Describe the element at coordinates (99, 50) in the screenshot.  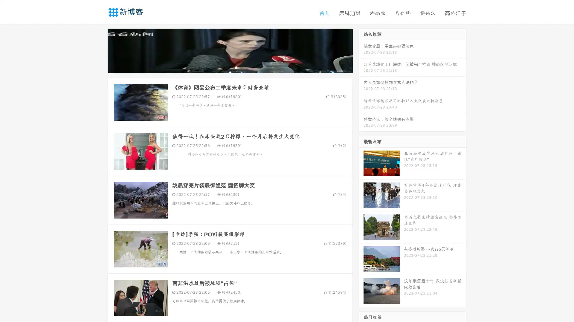
I see `Previous slide` at that location.